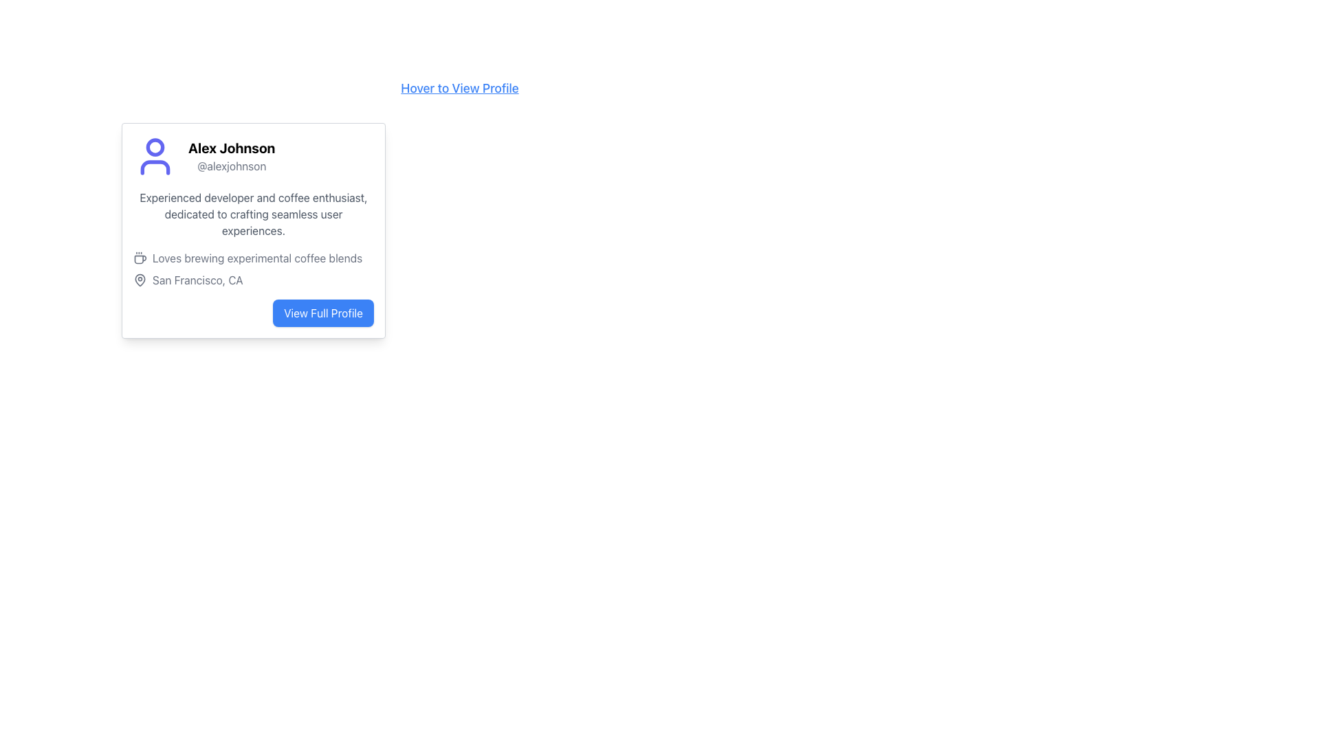 The height and width of the screenshot is (742, 1320). Describe the element at coordinates (155, 155) in the screenshot. I see `the user profile icon which resembles a circular head and rectangular torso outlined in purple, located to the left of the text 'Alex Johnson' and '@alexjohnson'` at that location.